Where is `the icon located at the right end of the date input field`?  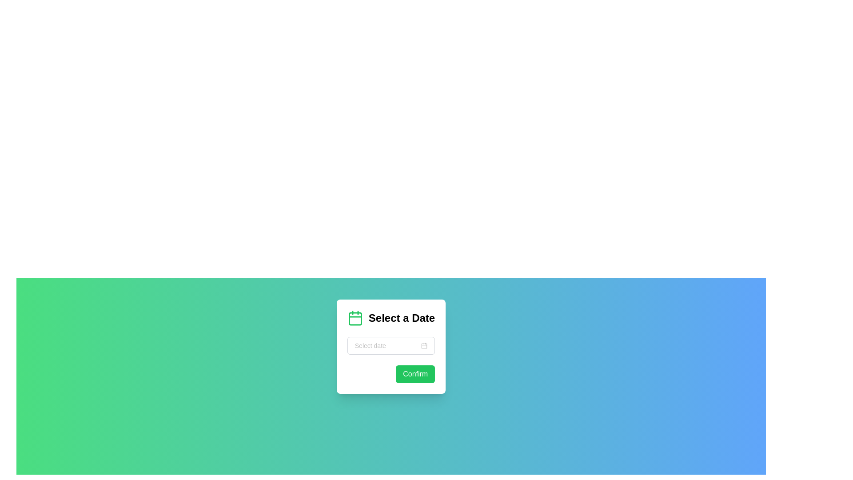 the icon located at the right end of the date input field is located at coordinates (424, 345).